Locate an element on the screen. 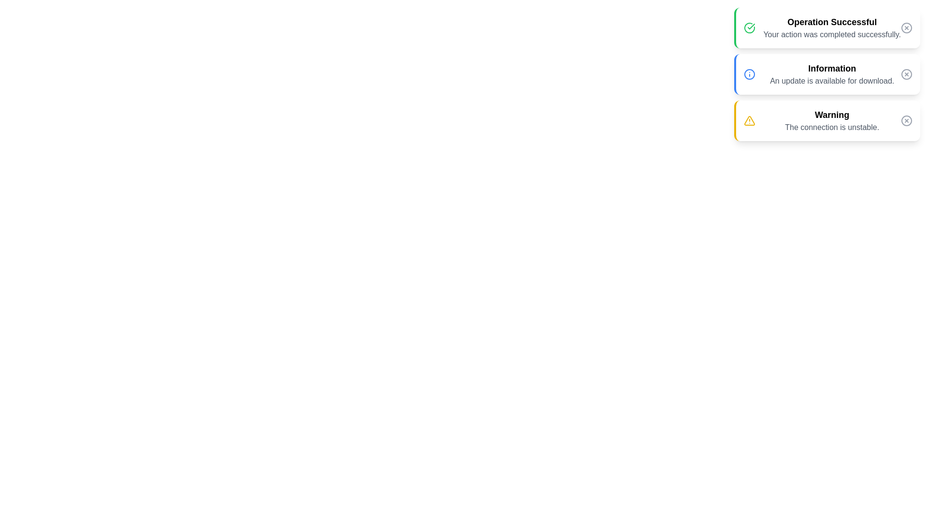 The width and height of the screenshot is (928, 522). the notification with type success is located at coordinates (826, 27).